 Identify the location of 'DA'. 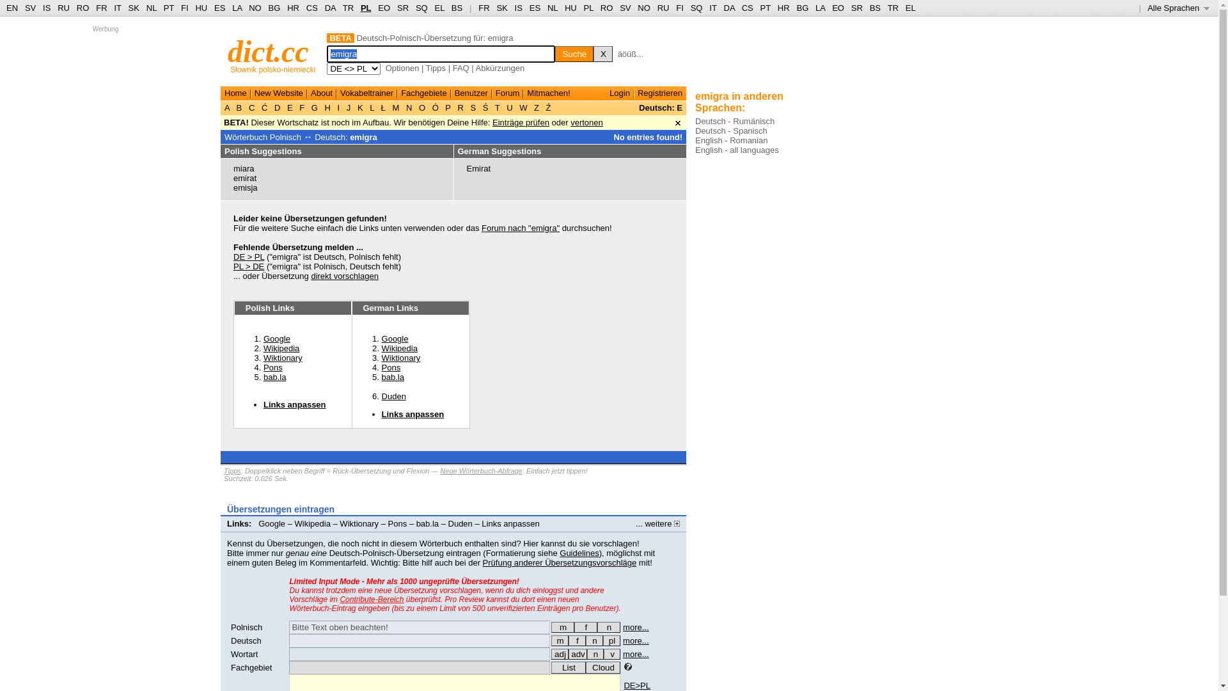
(729, 8).